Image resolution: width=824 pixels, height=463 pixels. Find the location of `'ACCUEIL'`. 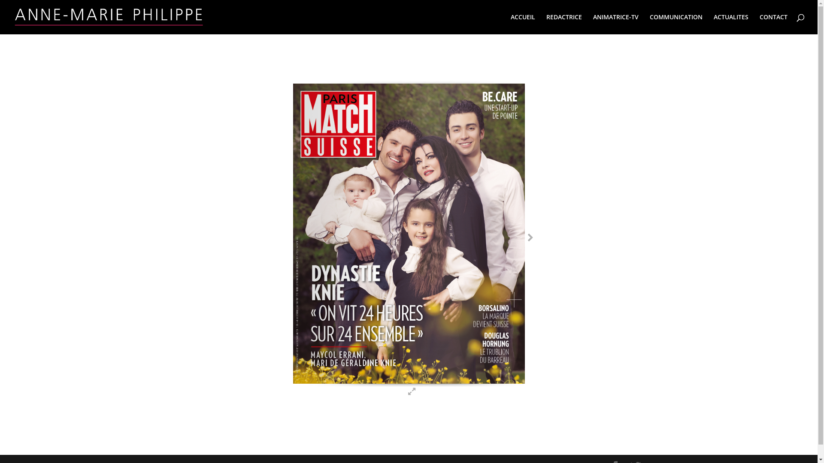

'ACCUEIL' is located at coordinates (522, 24).